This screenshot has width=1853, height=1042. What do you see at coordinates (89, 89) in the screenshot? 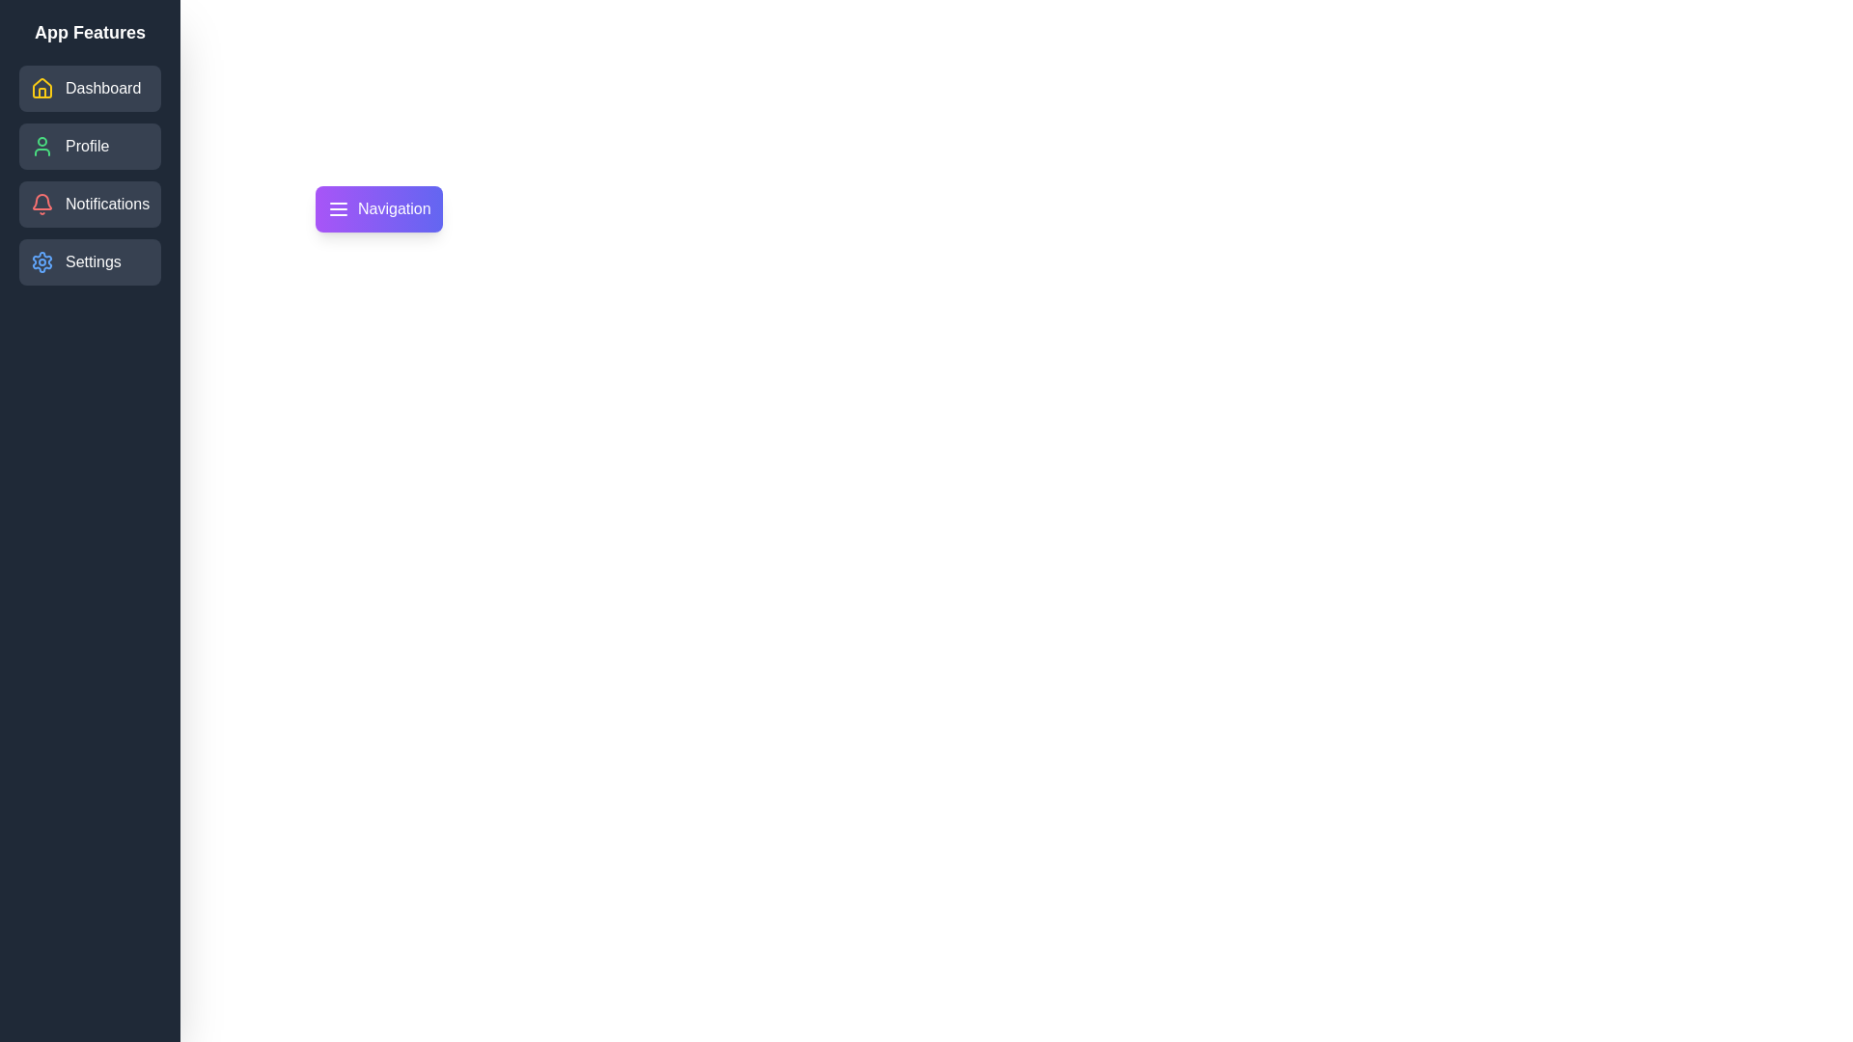
I see `the 'Dashboard' button in the drawer` at bounding box center [89, 89].